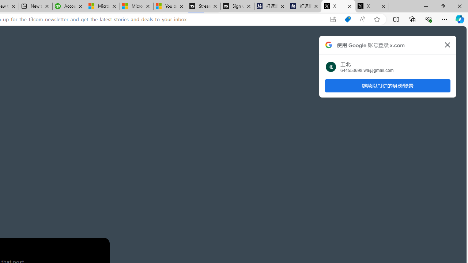 This screenshot has width=468, height=263. I want to click on 'Shopping in Microsoft Edge', so click(347, 19).